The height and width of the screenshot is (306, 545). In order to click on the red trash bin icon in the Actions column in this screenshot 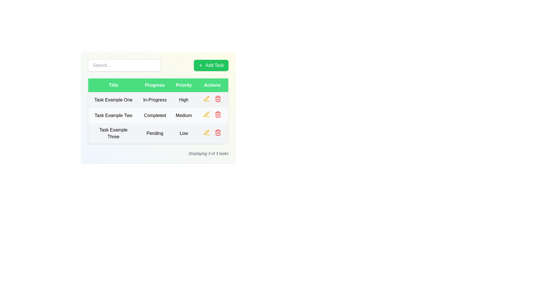, I will do `click(218, 114)`.